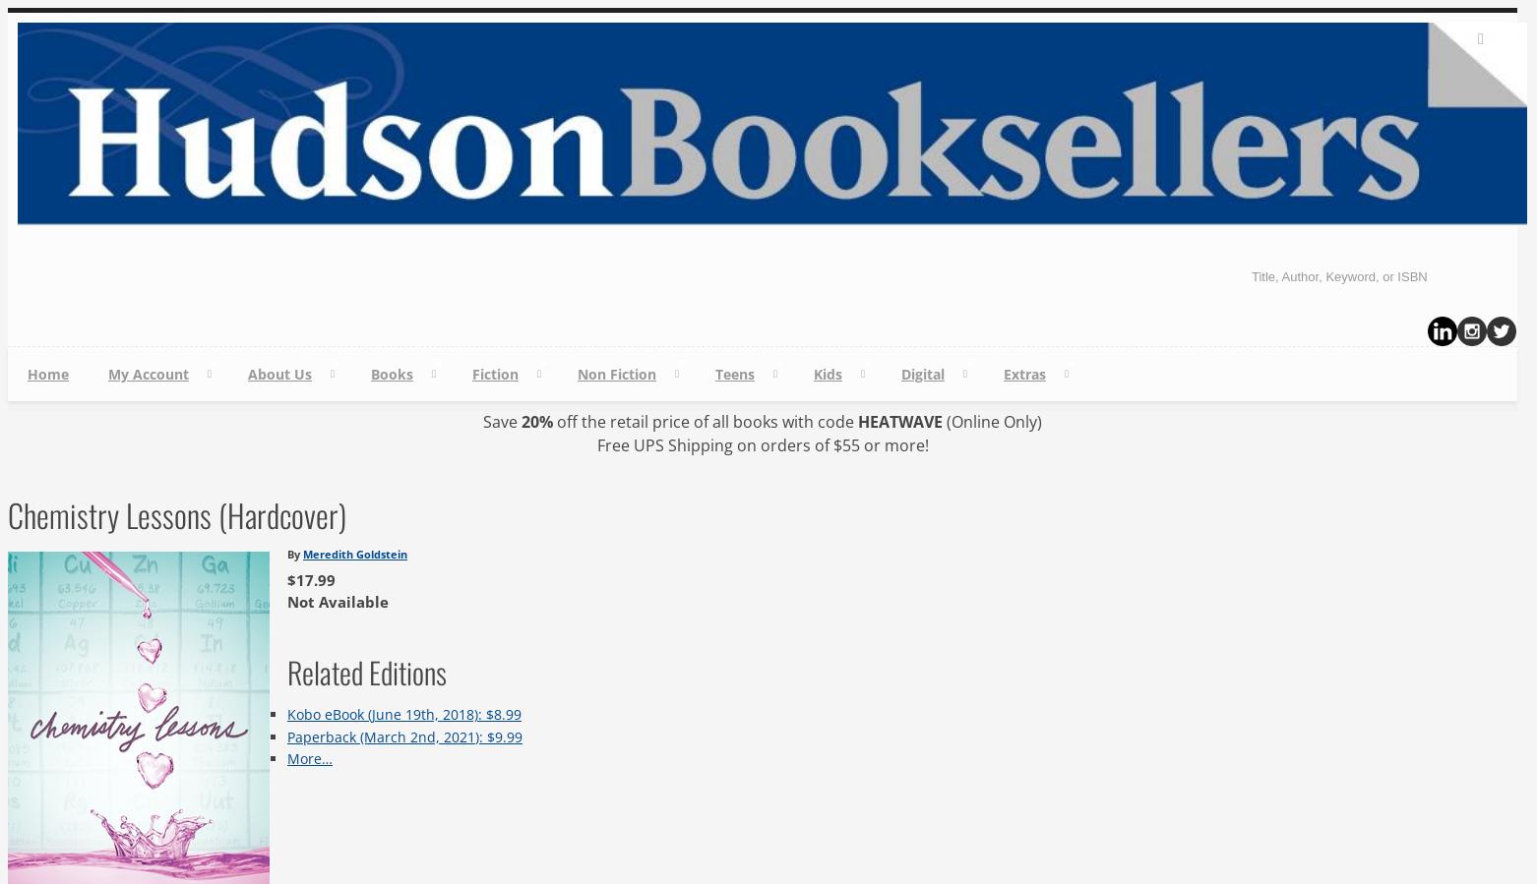  I want to click on 'off the retail price of all books with code', so click(553, 421).